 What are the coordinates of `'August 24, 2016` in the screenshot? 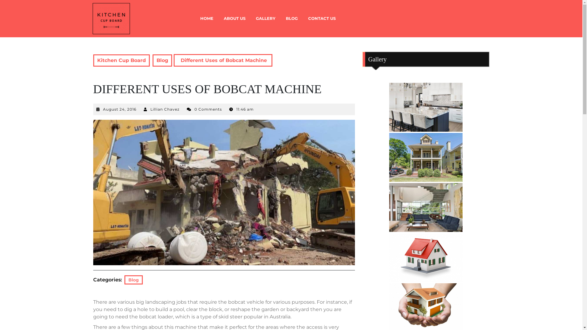 It's located at (119, 109).